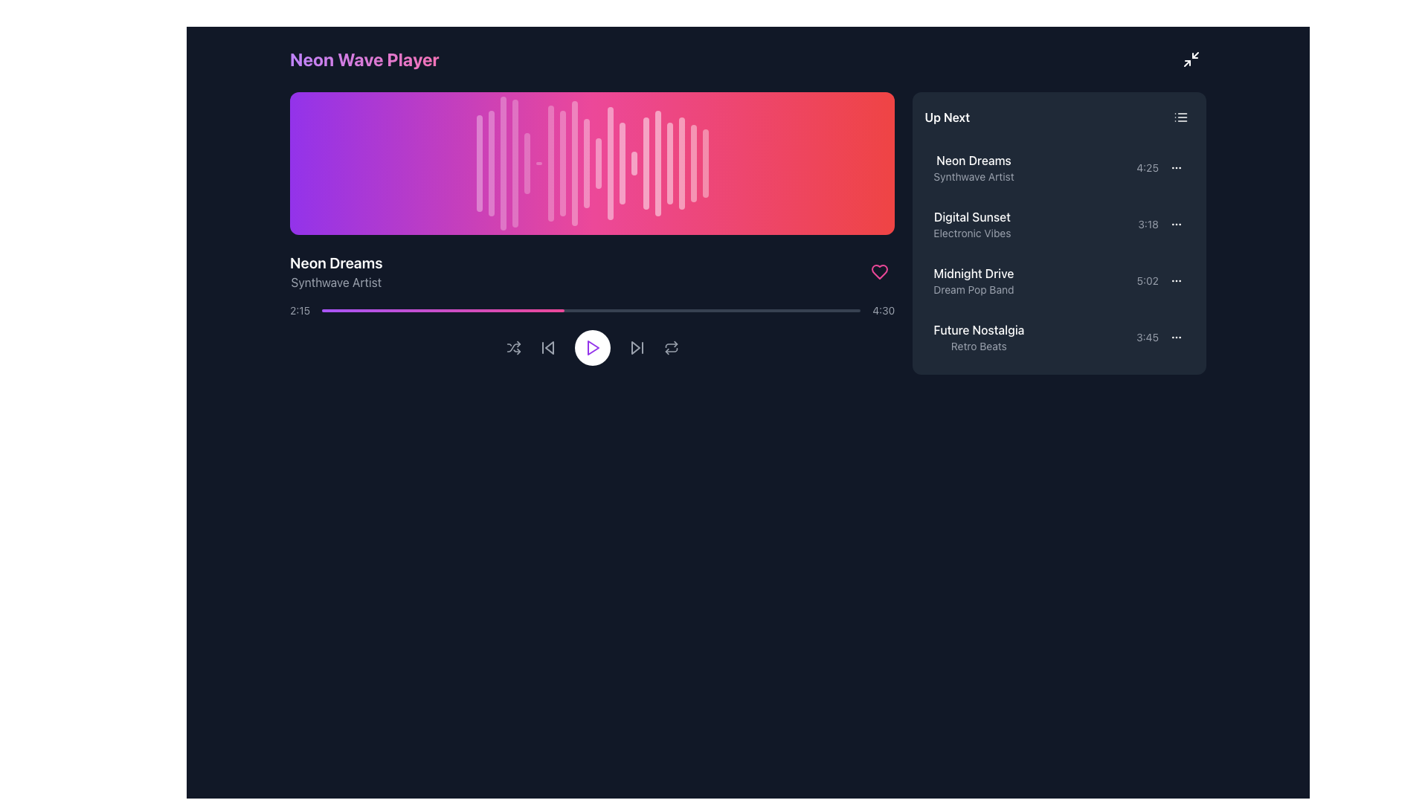 This screenshot has height=803, width=1428. Describe the element at coordinates (1180, 117) in the screenshot. I see `the Icon button located in the upper-right corner of the 'Up Next' section` at that location.